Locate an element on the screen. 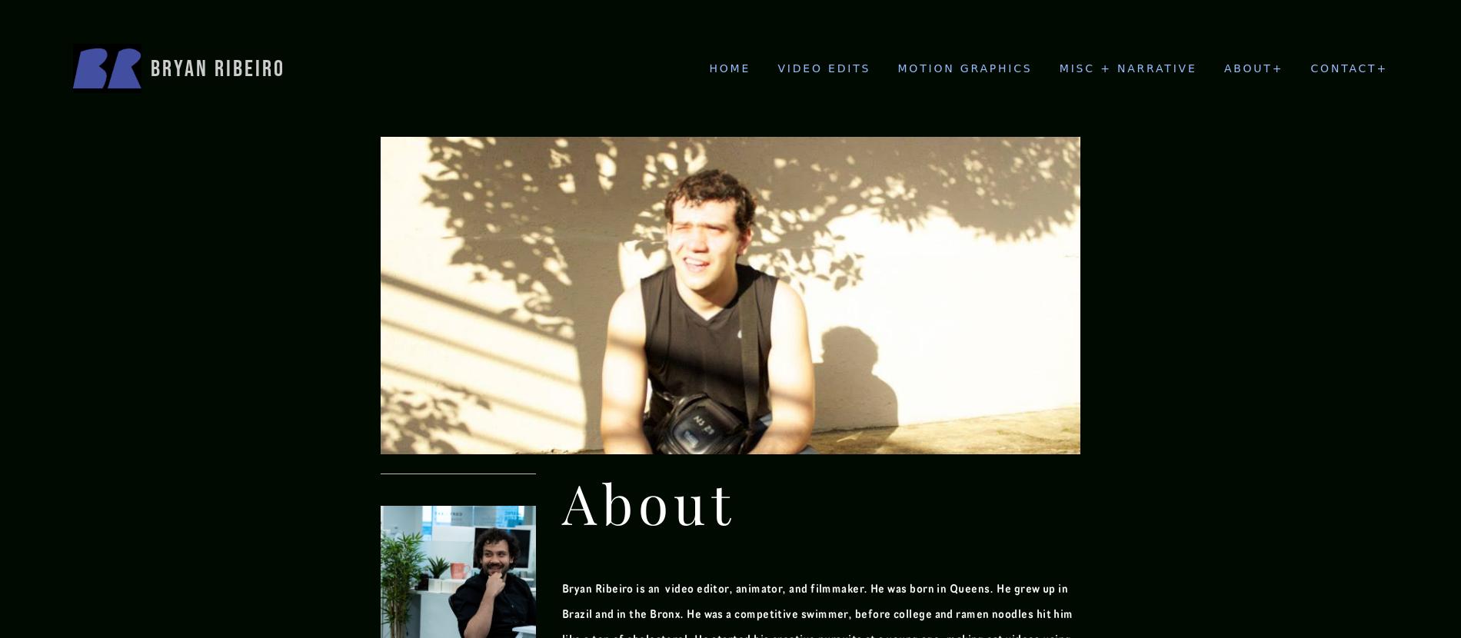  'Home' is located at coordinates (729, 67).